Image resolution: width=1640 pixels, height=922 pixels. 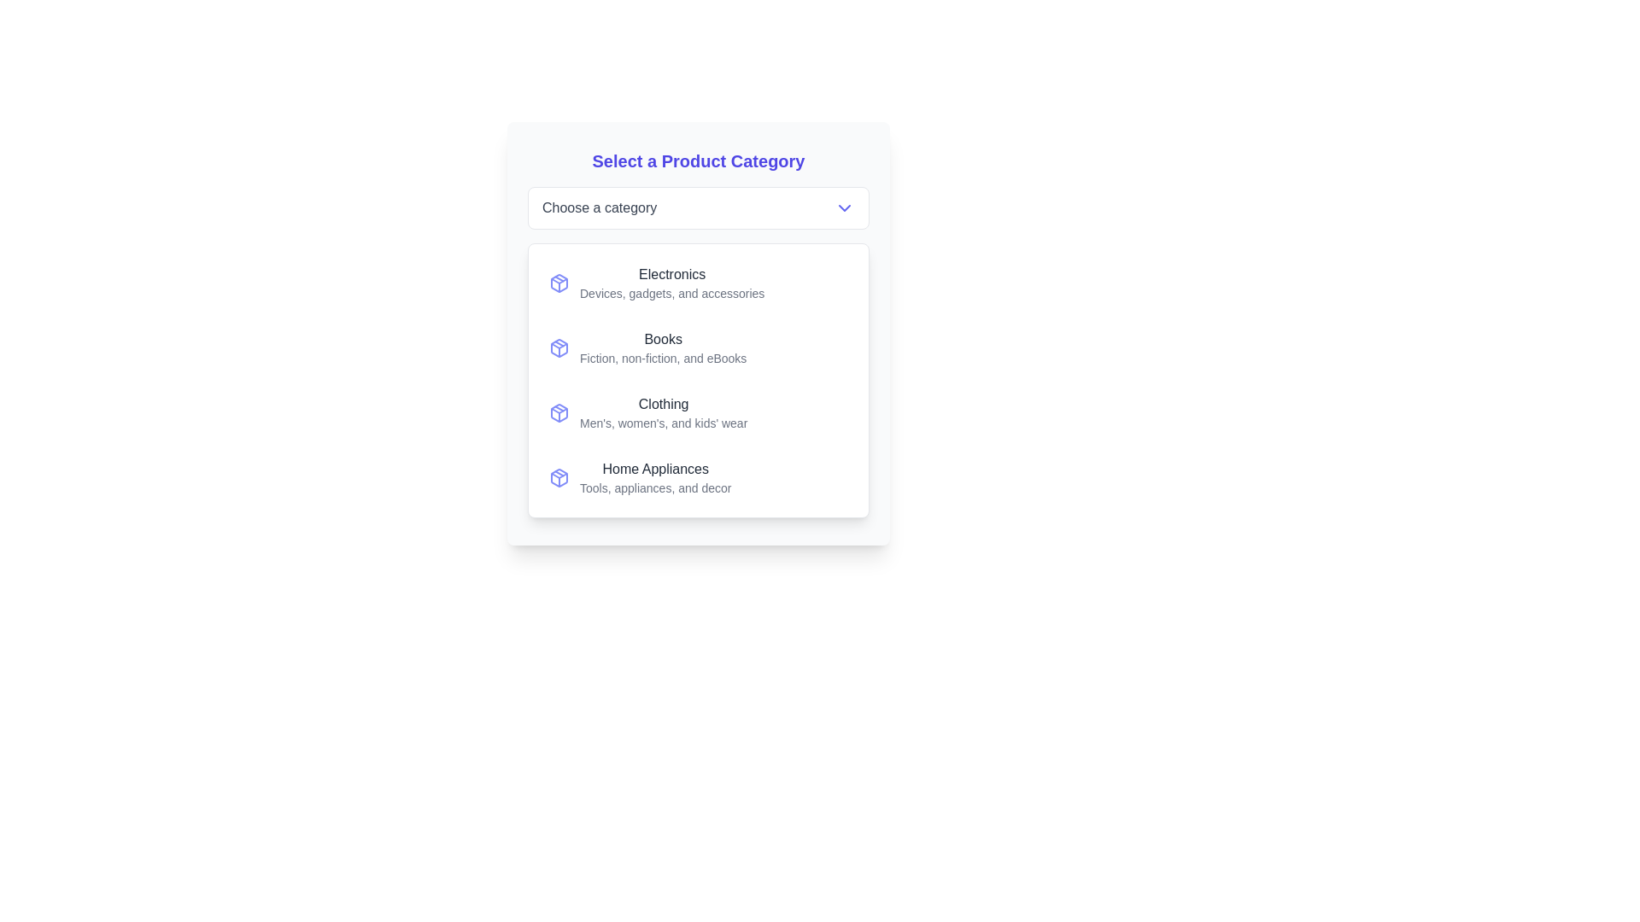 I want to click on the 'Home Appliances' icon, which is the fourth item in the product categories list, so click(x=559, y=477).